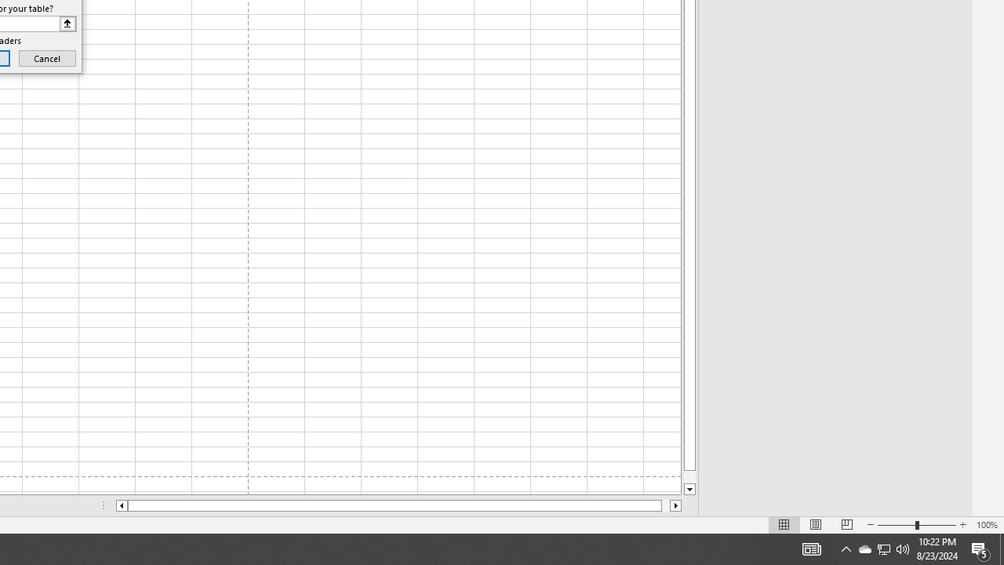 This screenshot has width=1004, height=565. What do you see at coordinates (689, 489) in the screenshot?
I see `'Line down'` at bounding box center [689, 489].